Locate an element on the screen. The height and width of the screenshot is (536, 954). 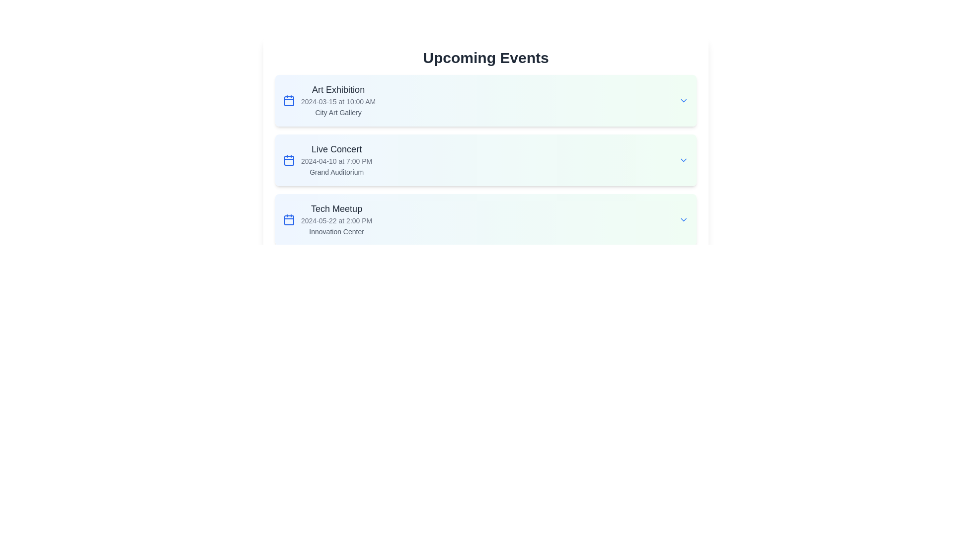
the Text and Icon Group that displays the event title 'Art Exhibition', date '2024-03-15 at 10:00 AM', and location 'City Art Gallery', which is located in the first event card of the 'Upcoming Events' list is located at coordinates (329, 101).